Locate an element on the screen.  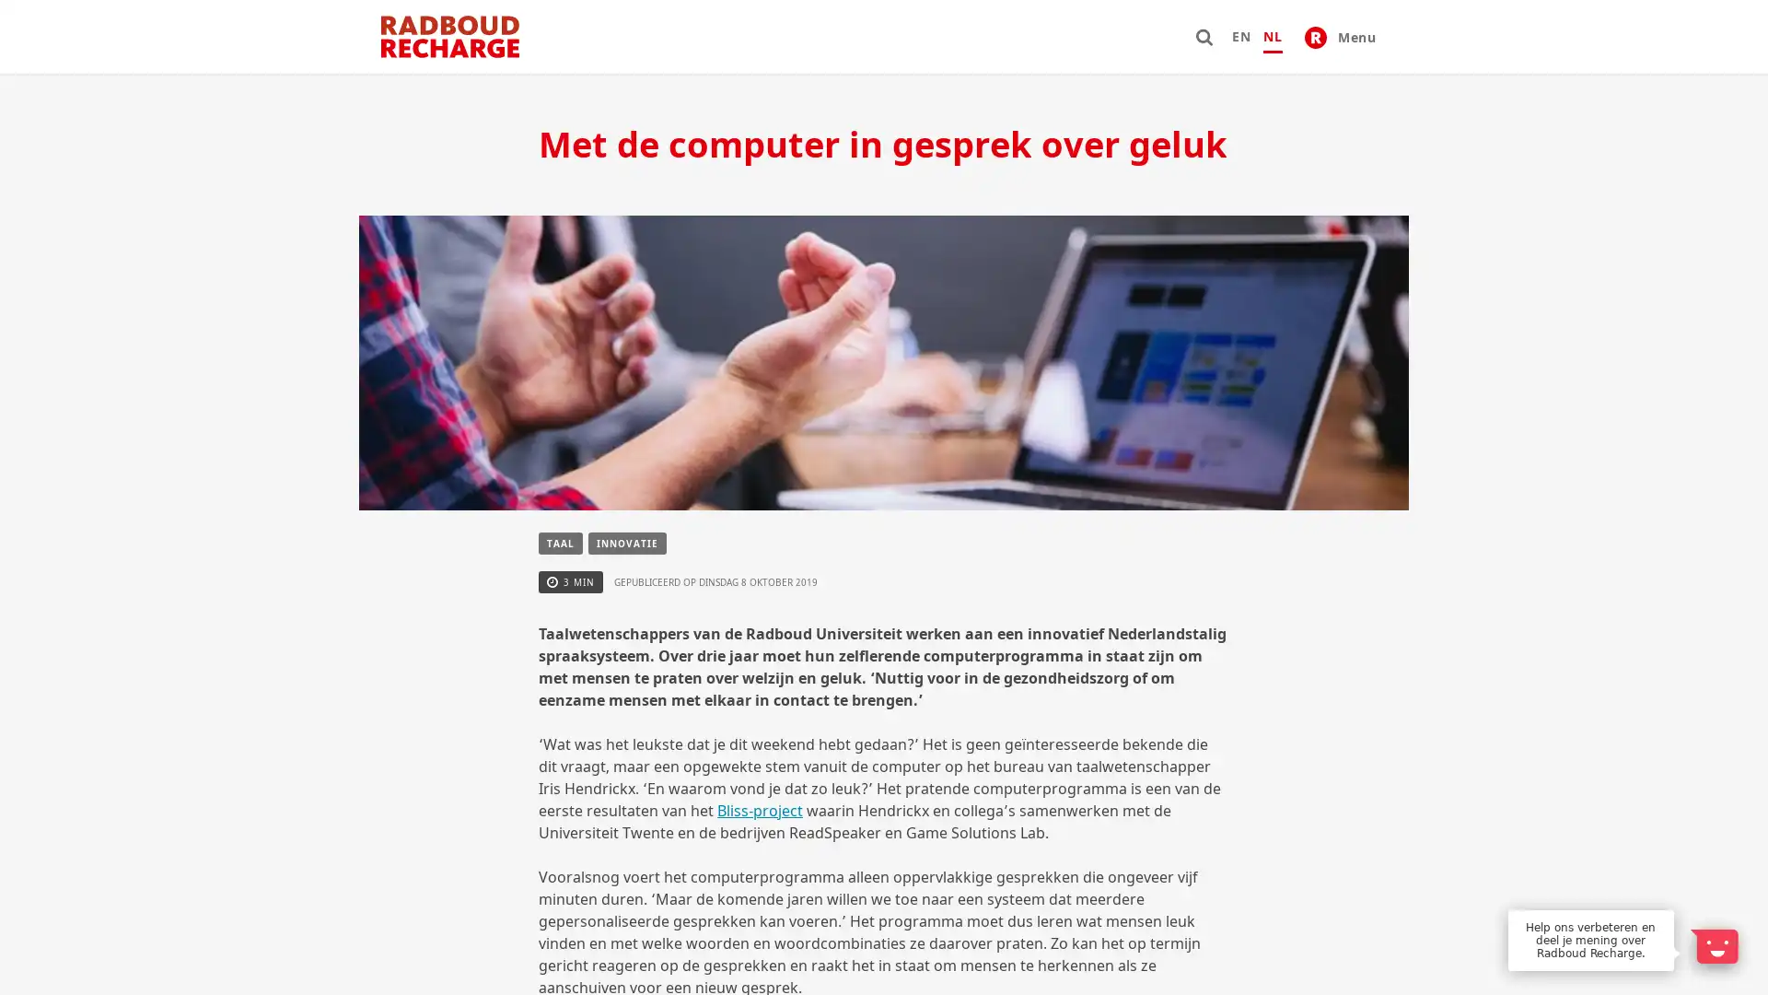
TONEN is located at coordinates (704, 873).